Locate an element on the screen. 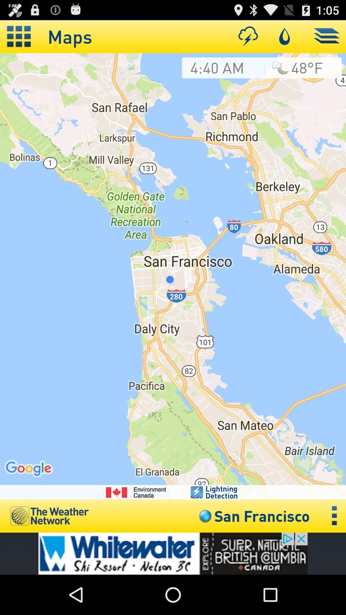 This screenshot has height=615, width=346. advertisement is located at coordinates (173, 553).